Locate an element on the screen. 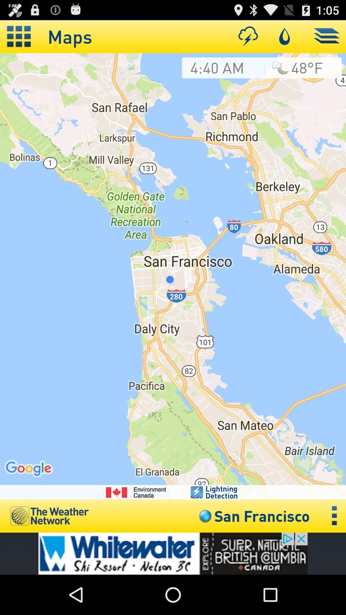 This screenshot has height=615, width=346. advertisement is located at coordinates (173, 553).